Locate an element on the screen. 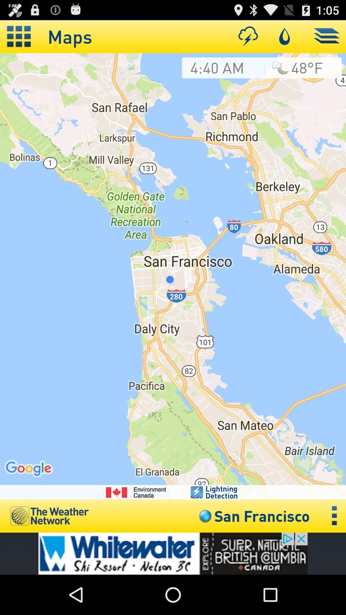 This screenshot has height=615, width=346. advertisement is located at coordinates (173, 553).